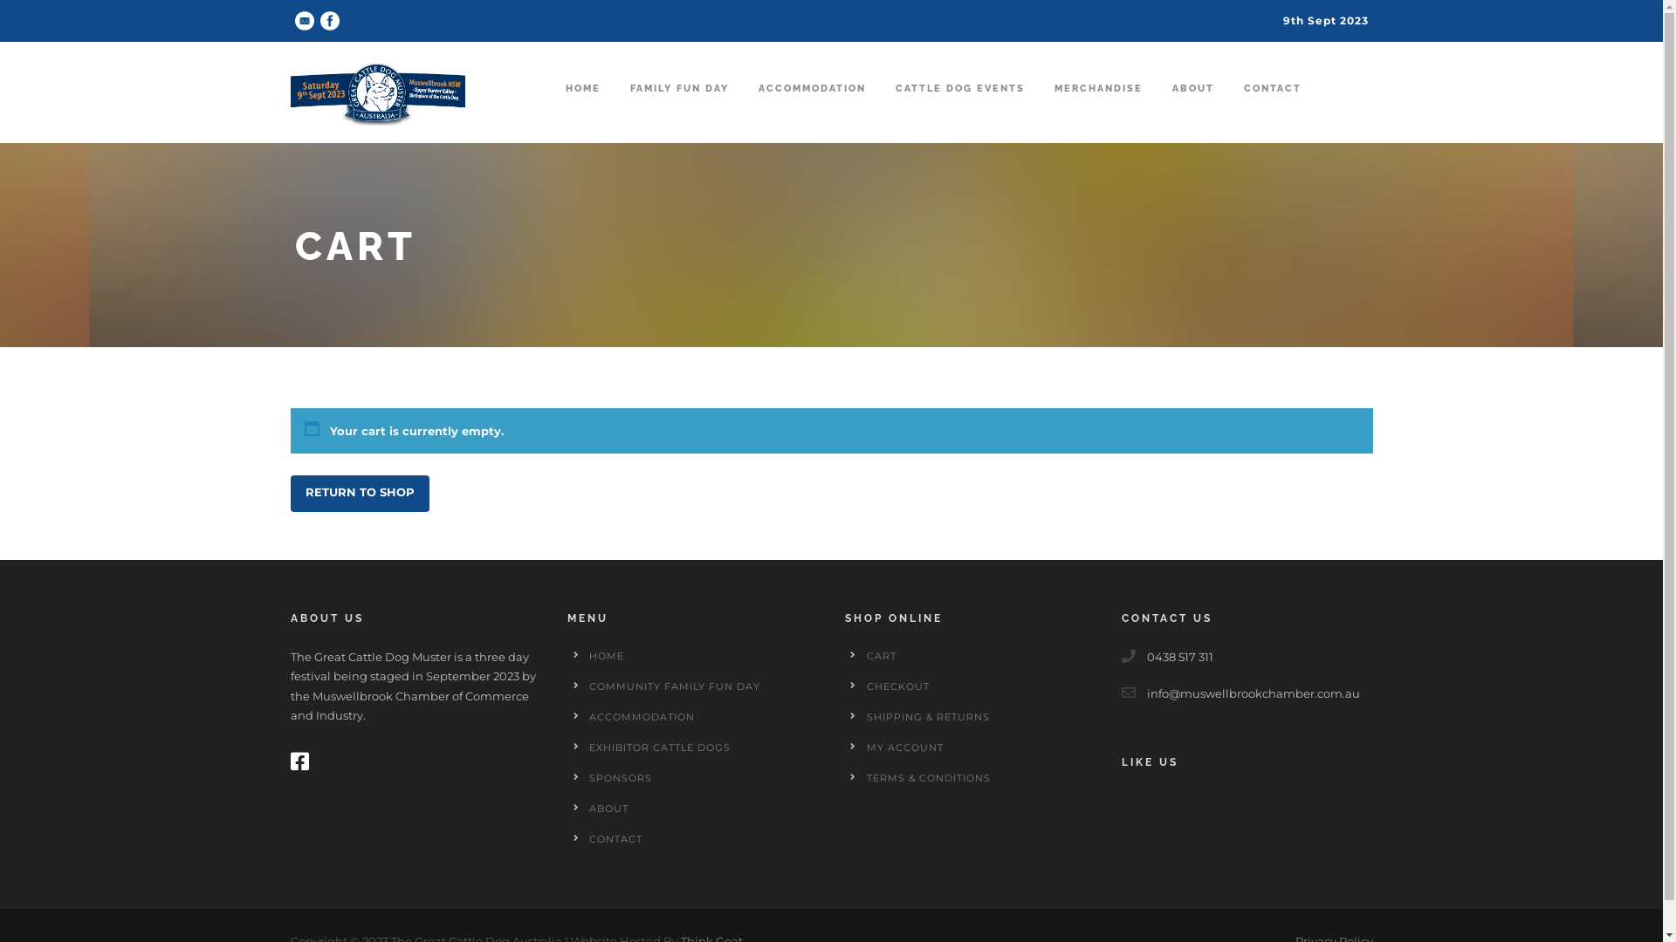  I want to click on 'COMMUNITY FAMILY FUN DAY', so click(589, 685).